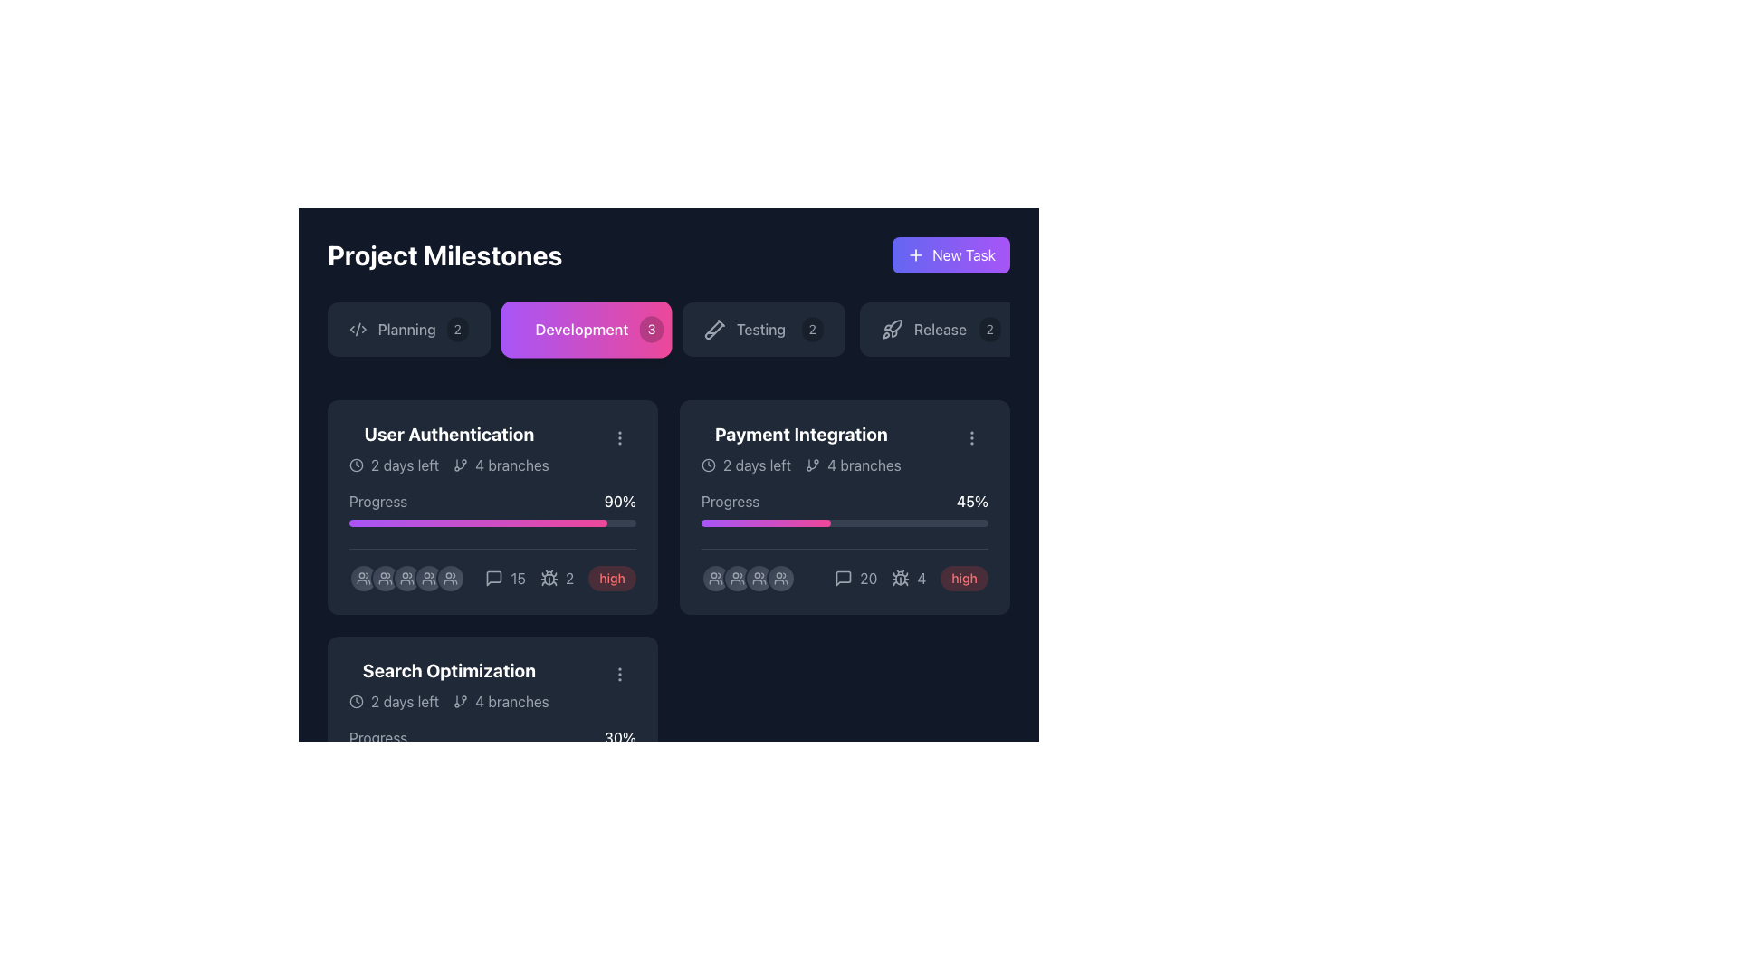 Image resolution: width=1738 pixels, height=978 pixels. Describe the element at coordinates (393, 701) in the screenshot. I see `the countdown text label displaying '2 days left' with a clock icon on its left side, located at the top-left of the 'Search Optimization' card` at that location.